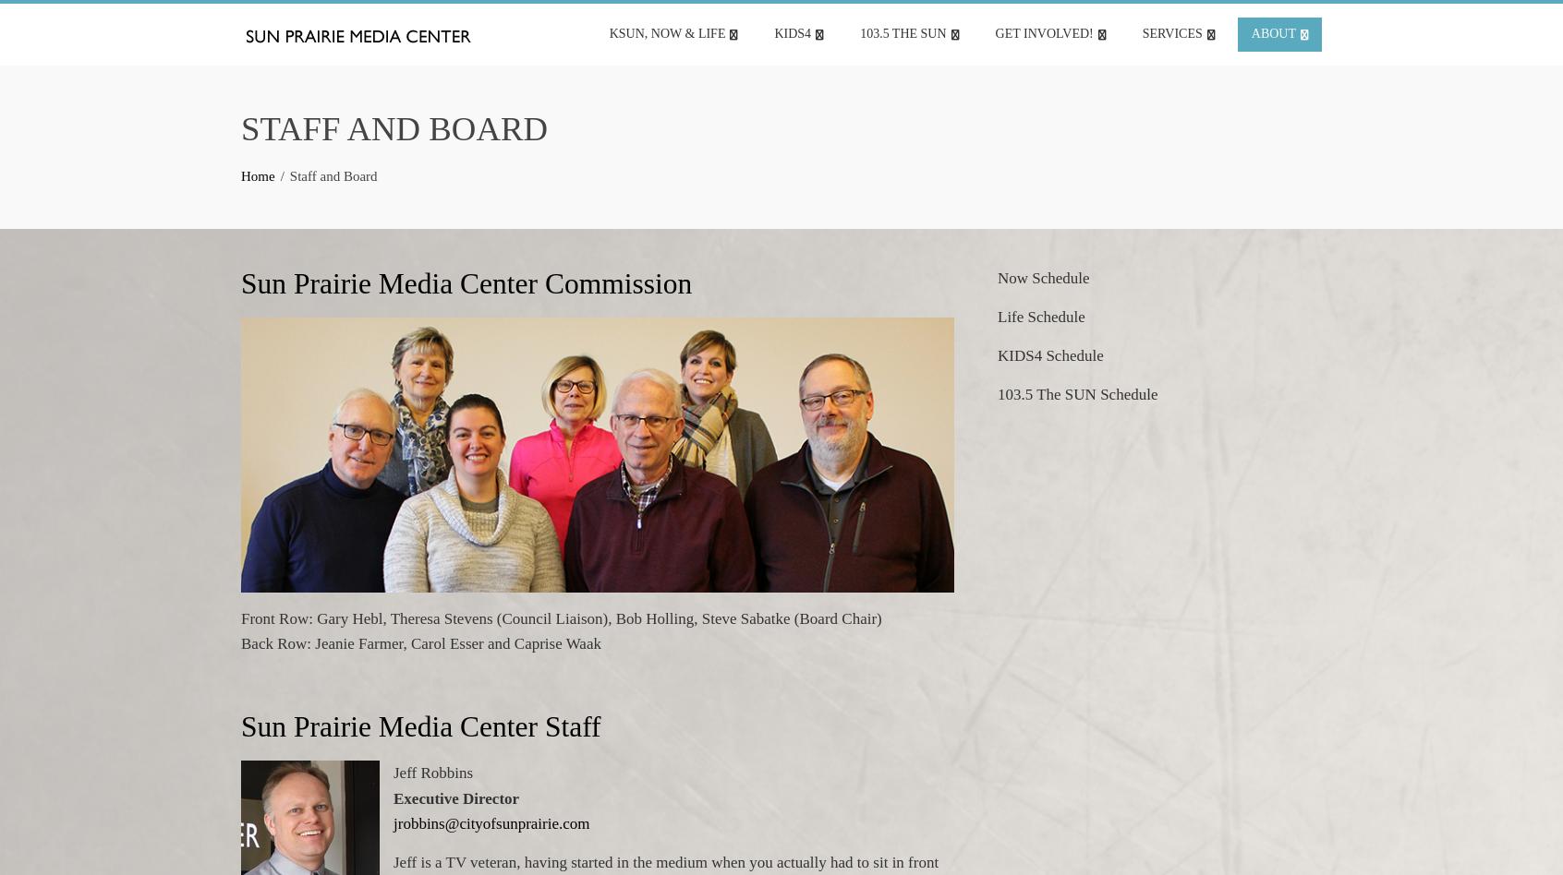 Image resolution: width=1563 pixels, height=875 pixels. Describe the element at coordinates (491, 821) in the screenshot. I see `'jrobbins@cityofsunprairie.com'` at that location.